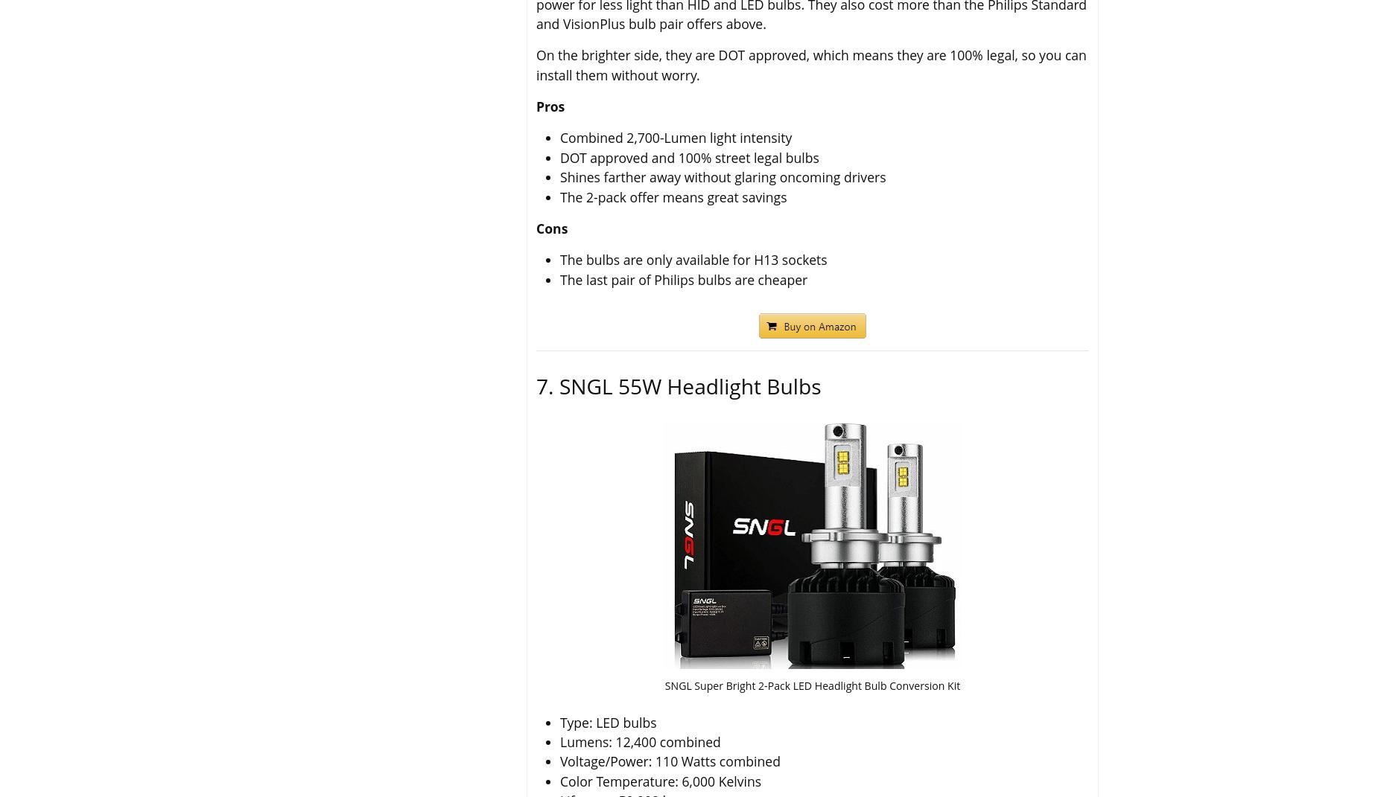 Image resolution: width=1378 pixels, height=797 pixels. What do you see at coordinates (560, 741) in the screenshot?
I see `'Lumens: 12,400 combined'` at bounding box center [560, 741].